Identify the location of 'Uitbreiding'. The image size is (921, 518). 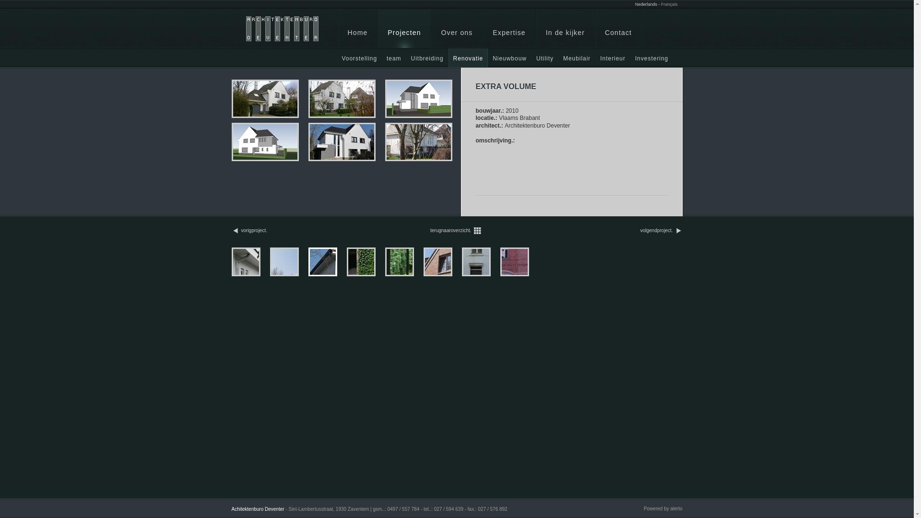
(427, 58).